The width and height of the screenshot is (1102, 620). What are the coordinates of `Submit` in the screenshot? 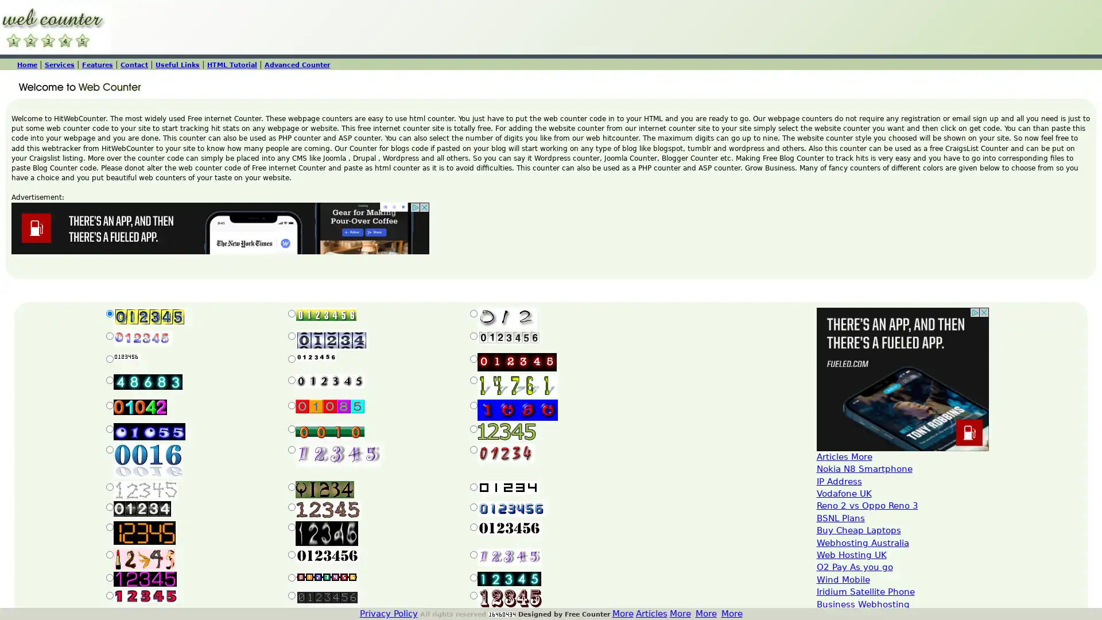 It's located at (329, 405).